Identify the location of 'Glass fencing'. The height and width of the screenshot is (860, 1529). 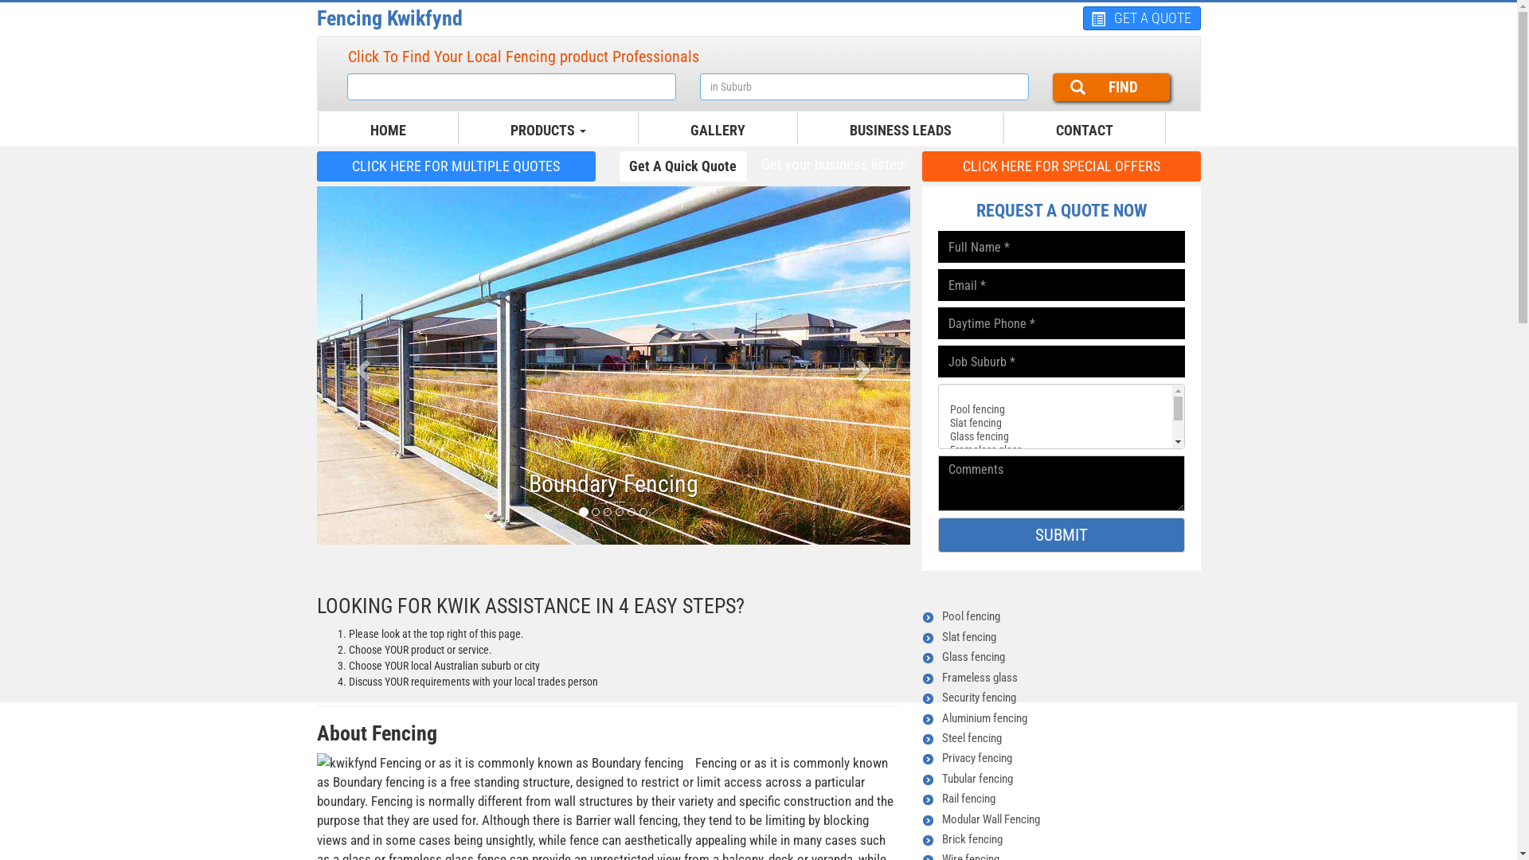
(972, 657).